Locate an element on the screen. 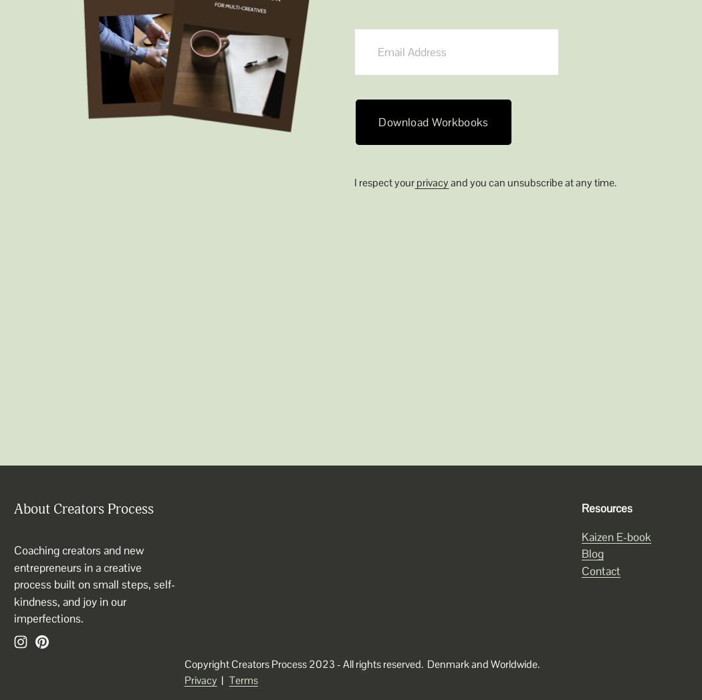 This screenshot has height=700, width=702. 'Contact' is located at coordinates (600, 570).